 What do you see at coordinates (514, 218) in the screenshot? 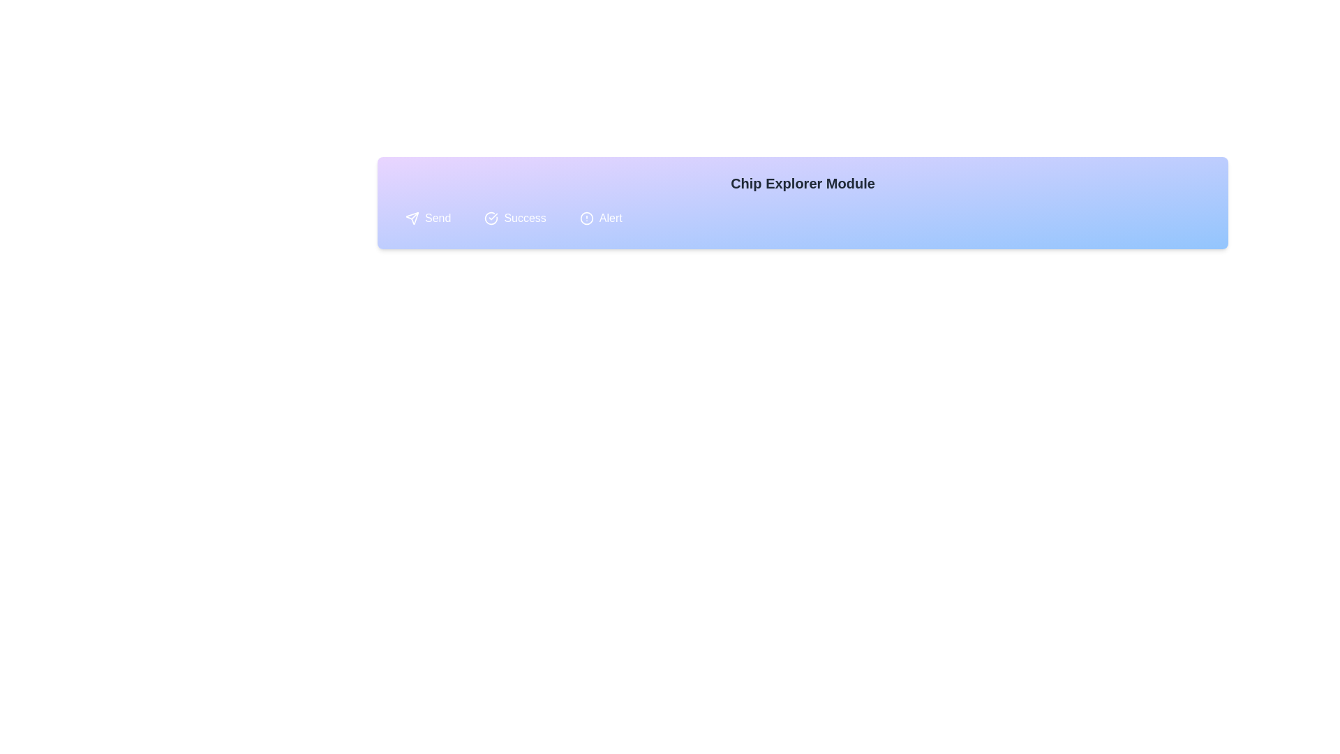
I see `the chip labeled 'Success' to select it` at bounding box center [514, 218].